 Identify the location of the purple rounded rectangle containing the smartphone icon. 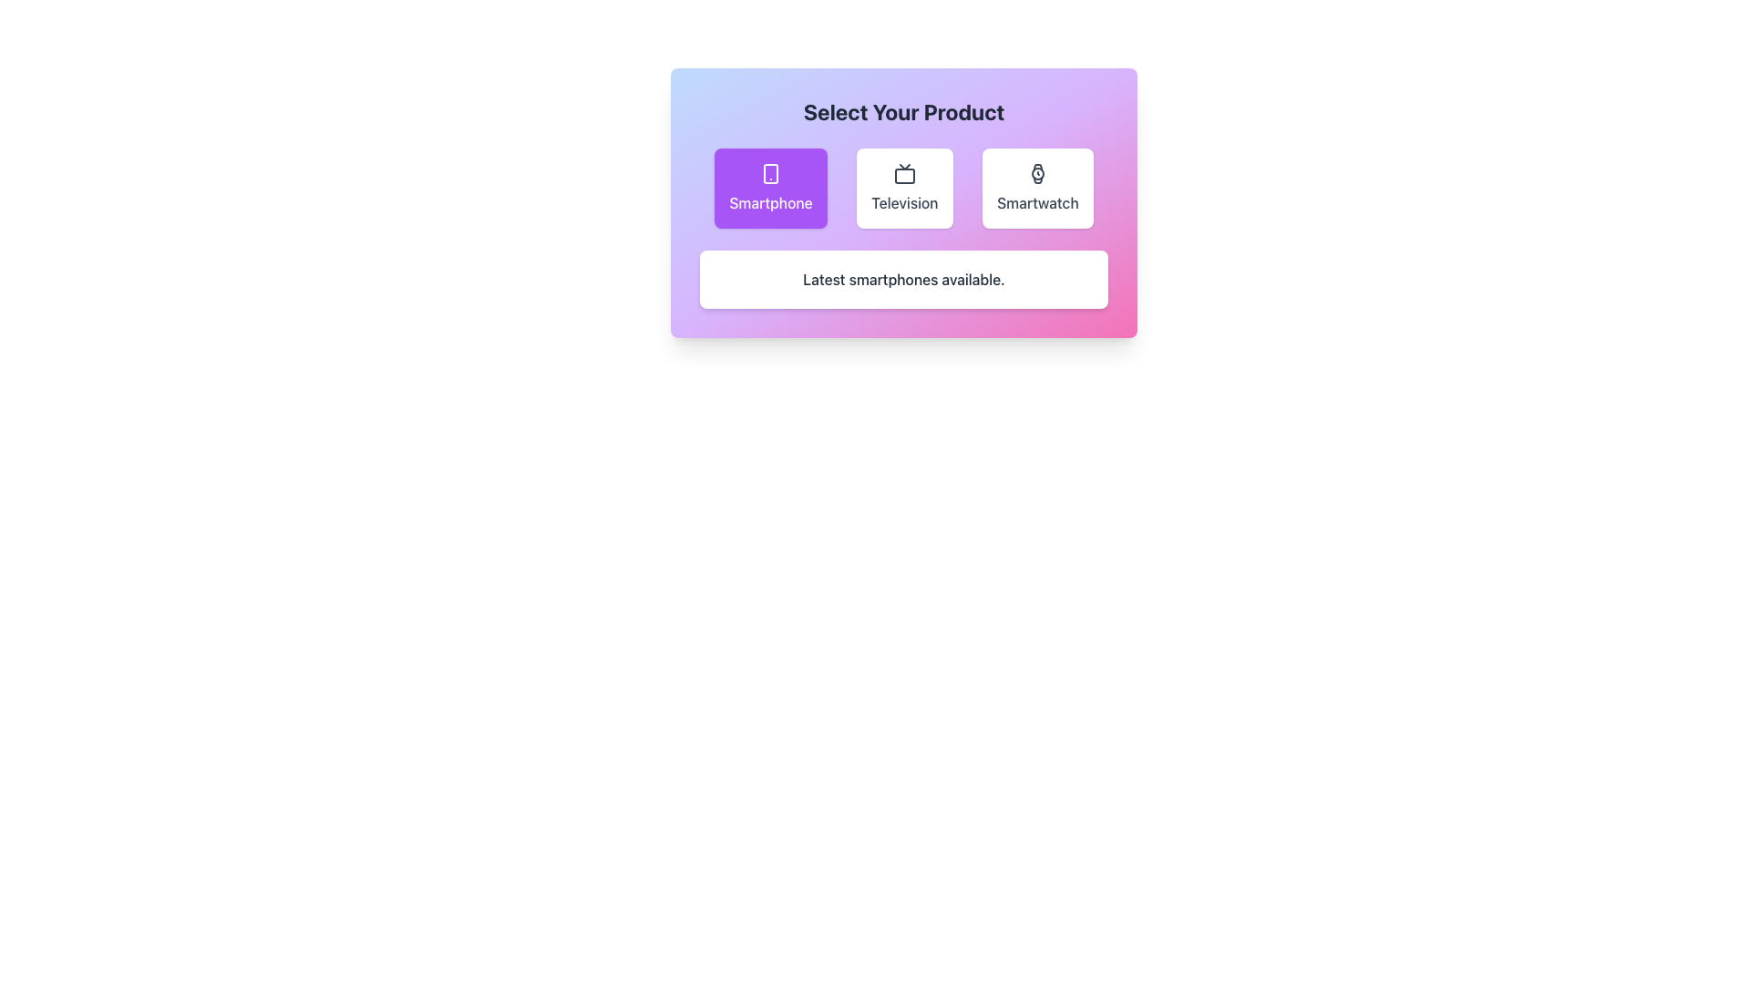
(770, 174).